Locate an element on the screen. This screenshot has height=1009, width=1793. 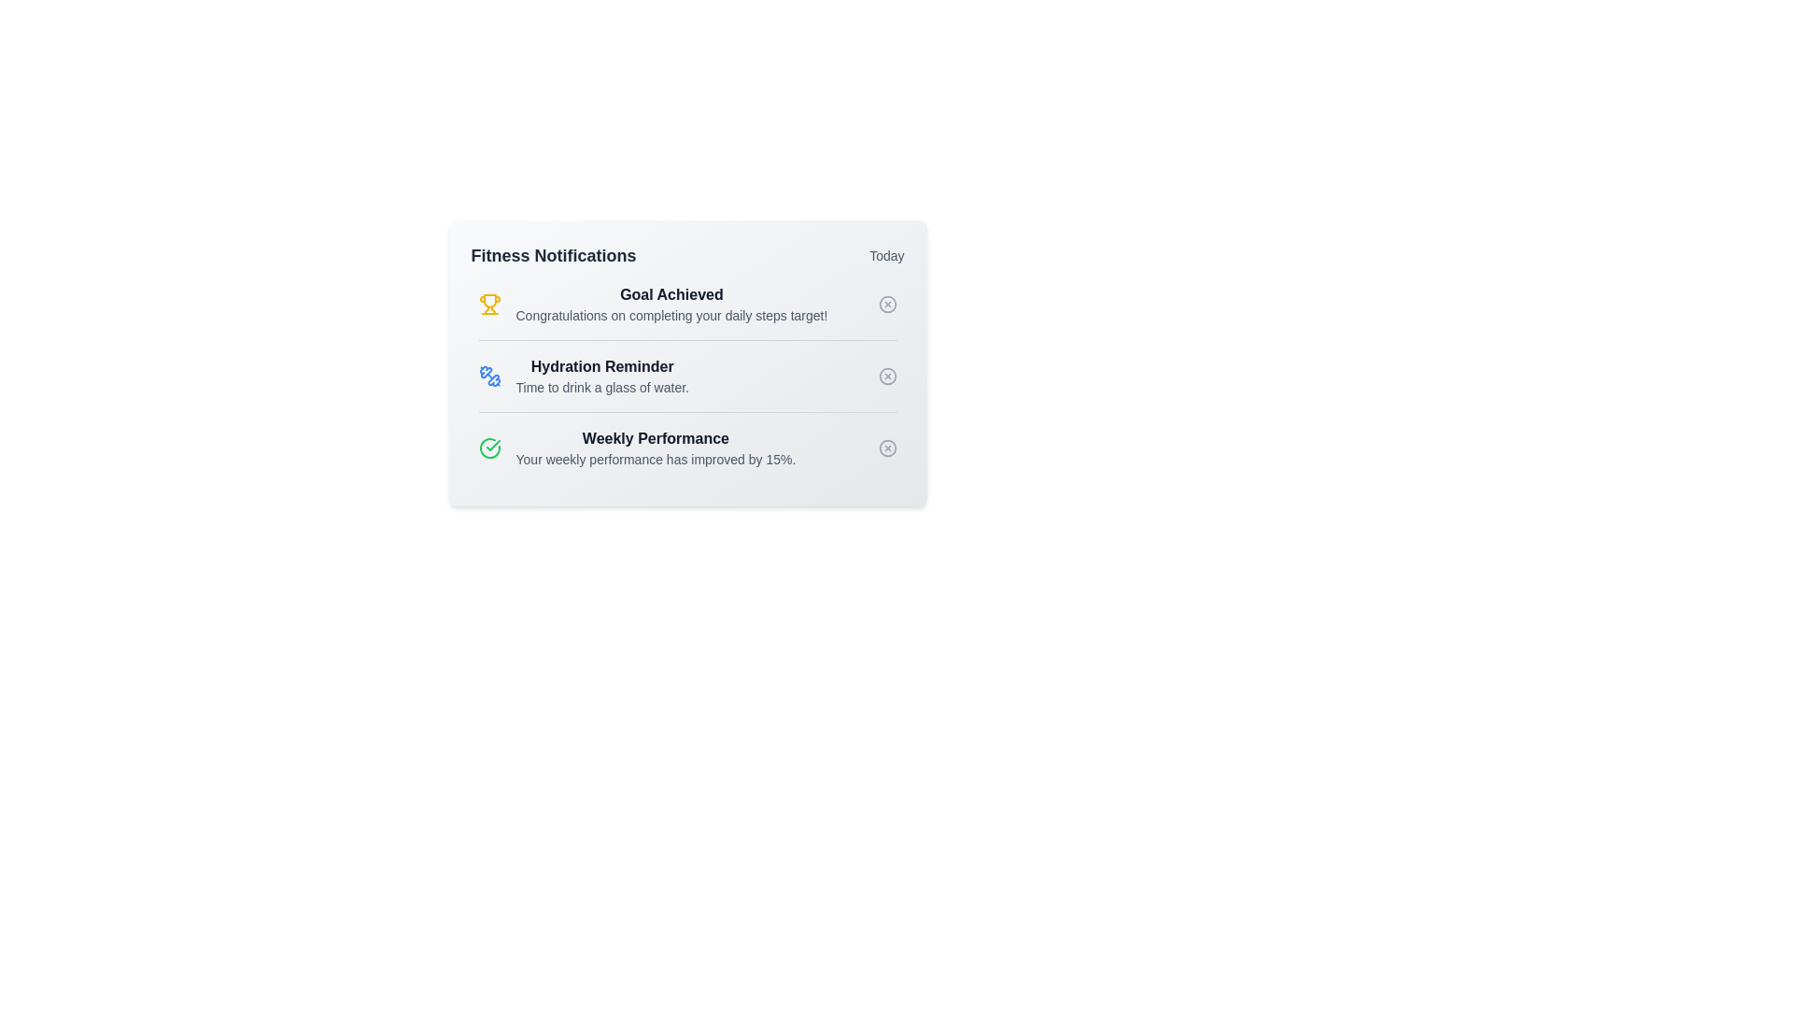
the 'Hydration Reminder' icon located on the left side of its list item in the notification card, which visually represents the notification topic is located at coordinates (489, 376).